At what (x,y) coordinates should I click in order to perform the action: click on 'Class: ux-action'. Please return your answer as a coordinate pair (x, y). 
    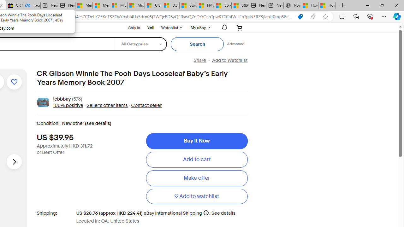
    Looking at the image, I should click on (43, 102).